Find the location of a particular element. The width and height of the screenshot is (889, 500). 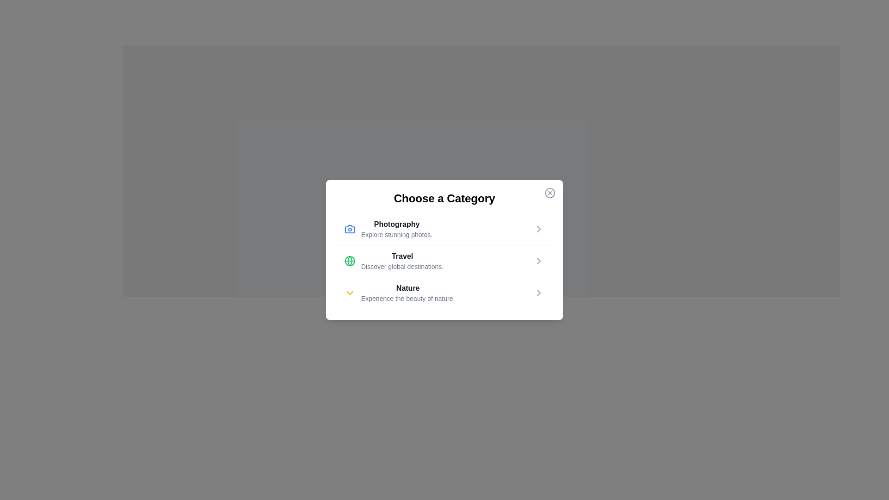

the text-based selectable list item labeled 'Nature' is located at coordinates (407, 293).